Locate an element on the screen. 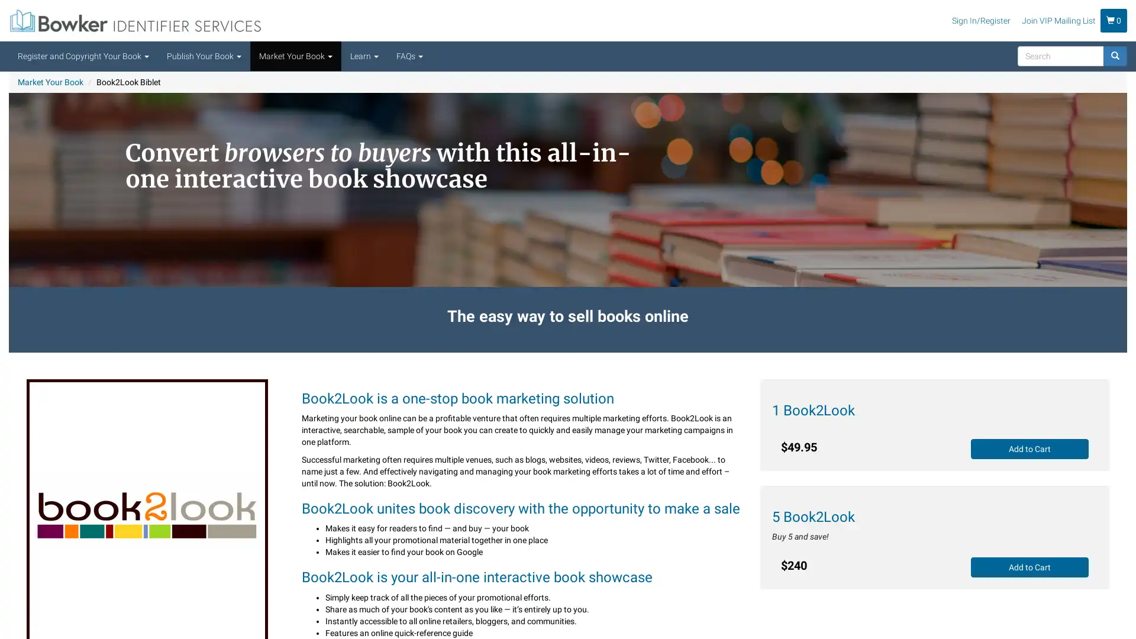 The height and width of the screenshot is (639, 1136). Search is located at coordinates (1115, 56).